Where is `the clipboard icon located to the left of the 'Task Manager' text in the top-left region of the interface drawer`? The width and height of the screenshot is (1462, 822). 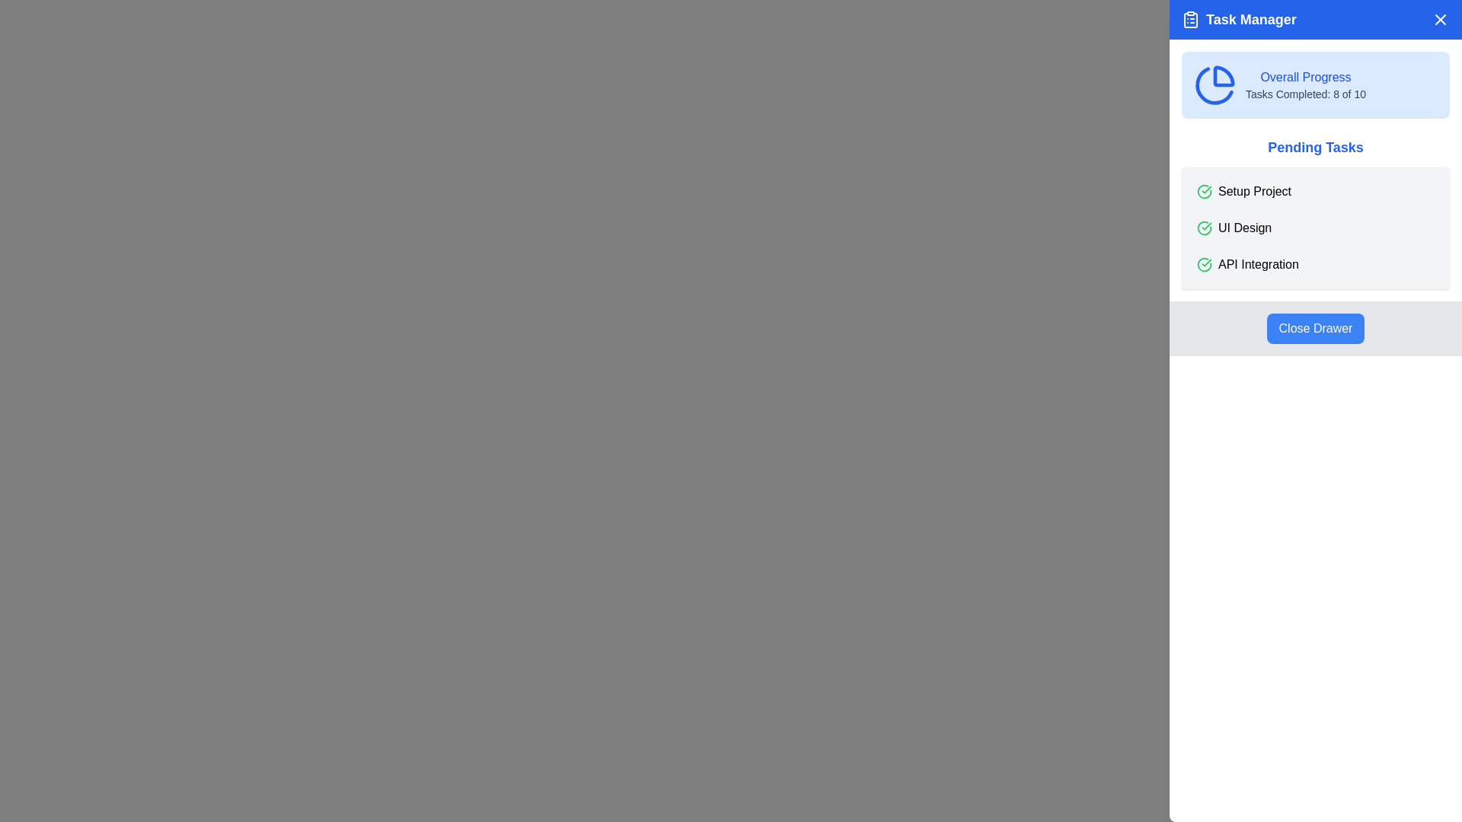
the clipboard icon located to the left of the 'Task Manager' text in the top-left region of the interface drawer is located at coordinates (1190, 20).